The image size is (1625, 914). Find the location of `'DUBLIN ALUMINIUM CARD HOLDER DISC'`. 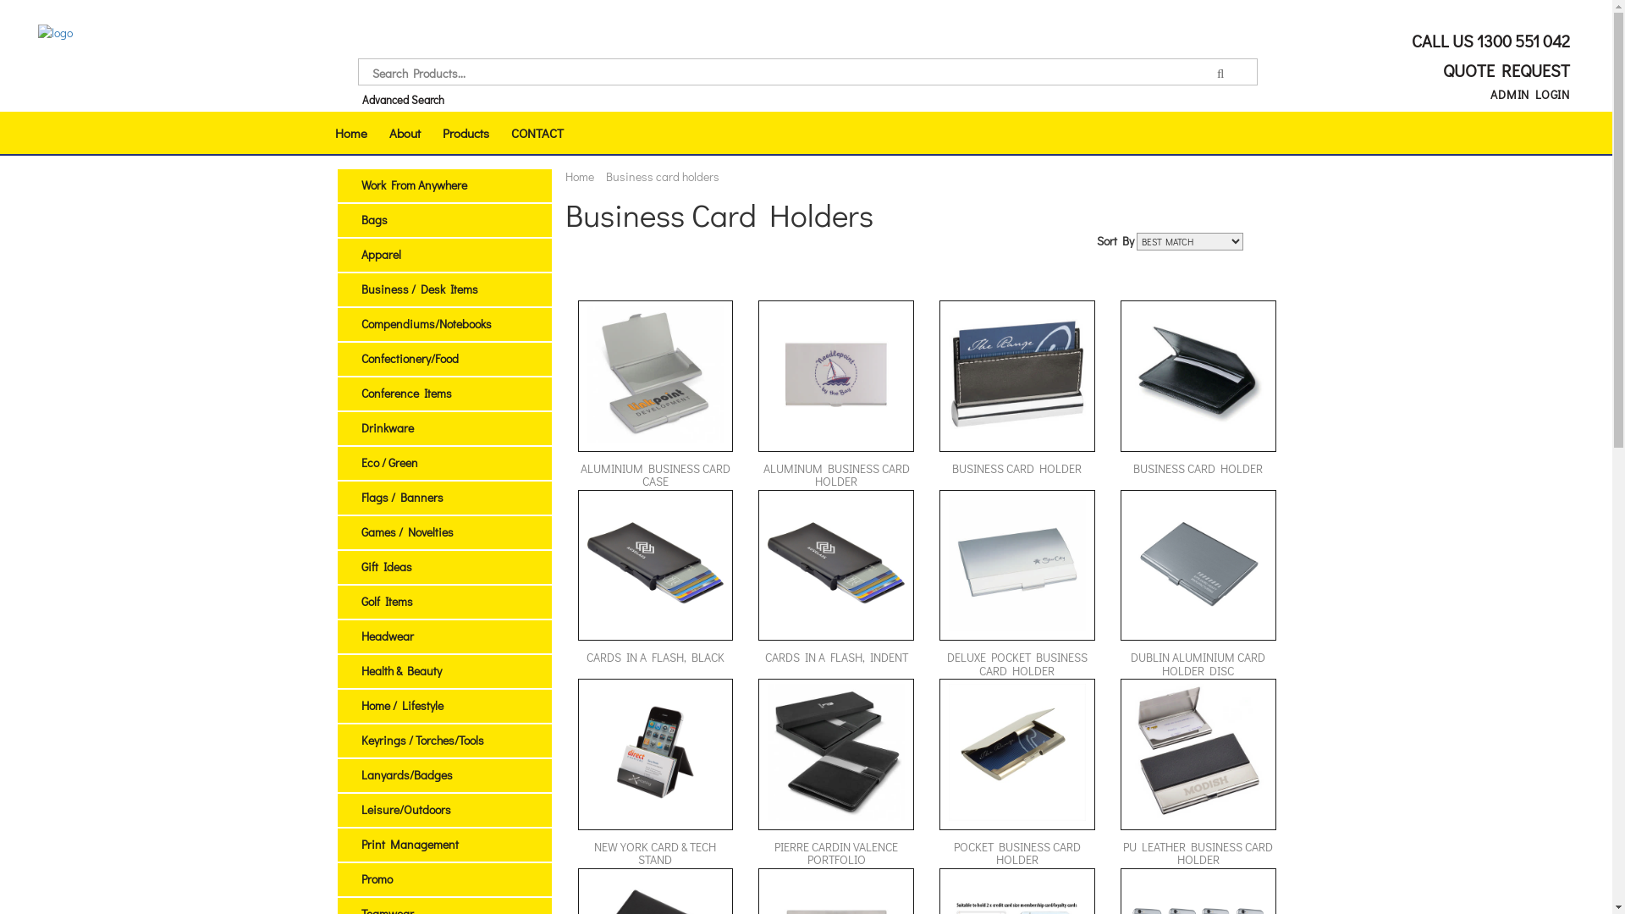

'DUBLIN ALUMINIUM CARD HOLDER DISC' is located at coordinates (1121, 583).